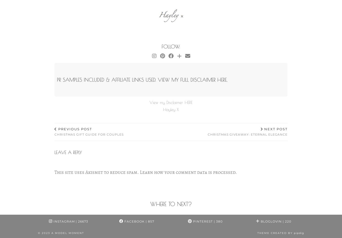  Describe the element at coordinates (57, 129) in the screenshot. I see `'Previous Post'` at that location.